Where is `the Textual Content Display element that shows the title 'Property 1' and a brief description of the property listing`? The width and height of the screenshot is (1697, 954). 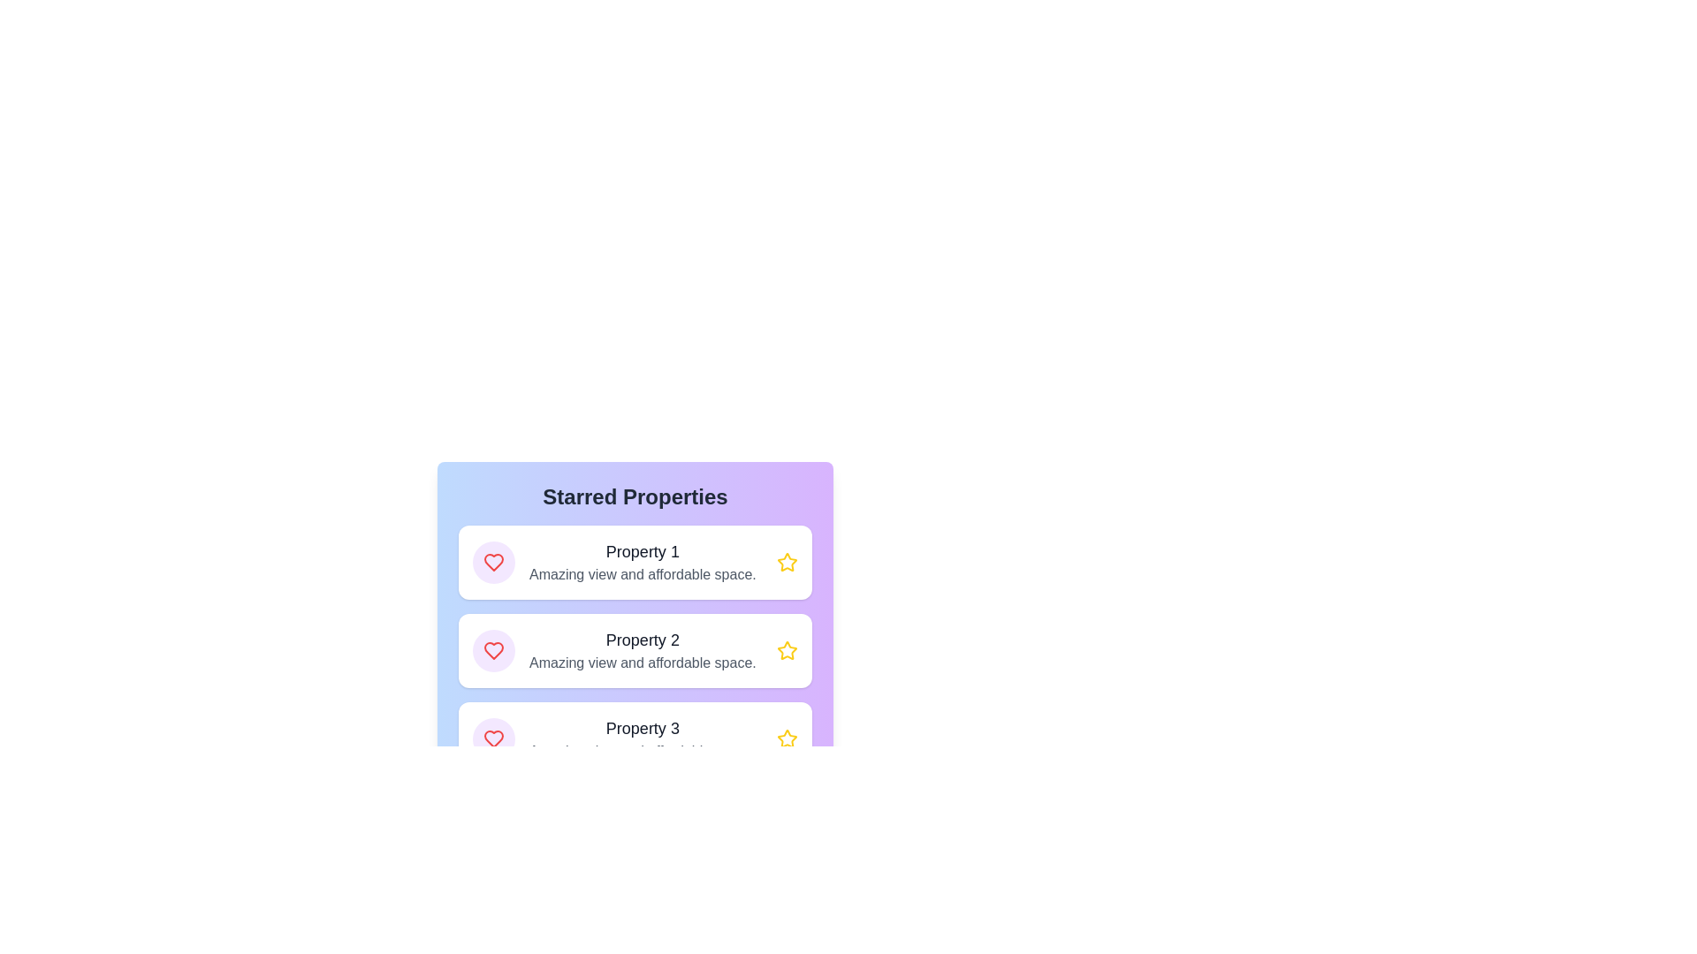
the Textual Content Display element that shows the title 'Property 1' and a brief description of the property listing is located at coordinates (642, 562).